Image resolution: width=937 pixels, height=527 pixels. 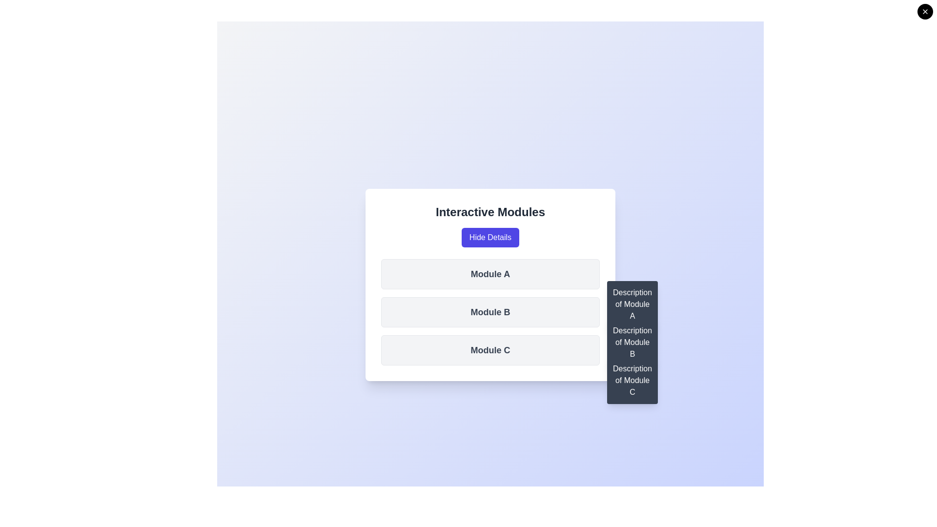 I want to click on the interactive module option labeled 'Module C', so click(x=490, y=349).